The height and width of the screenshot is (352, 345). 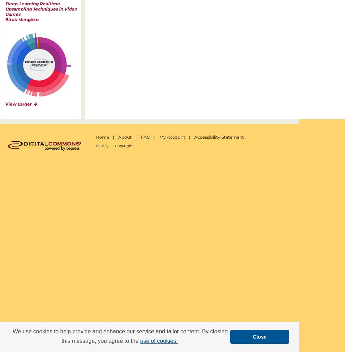 I want to click on 'Privacy', so click(x=102, y=146).